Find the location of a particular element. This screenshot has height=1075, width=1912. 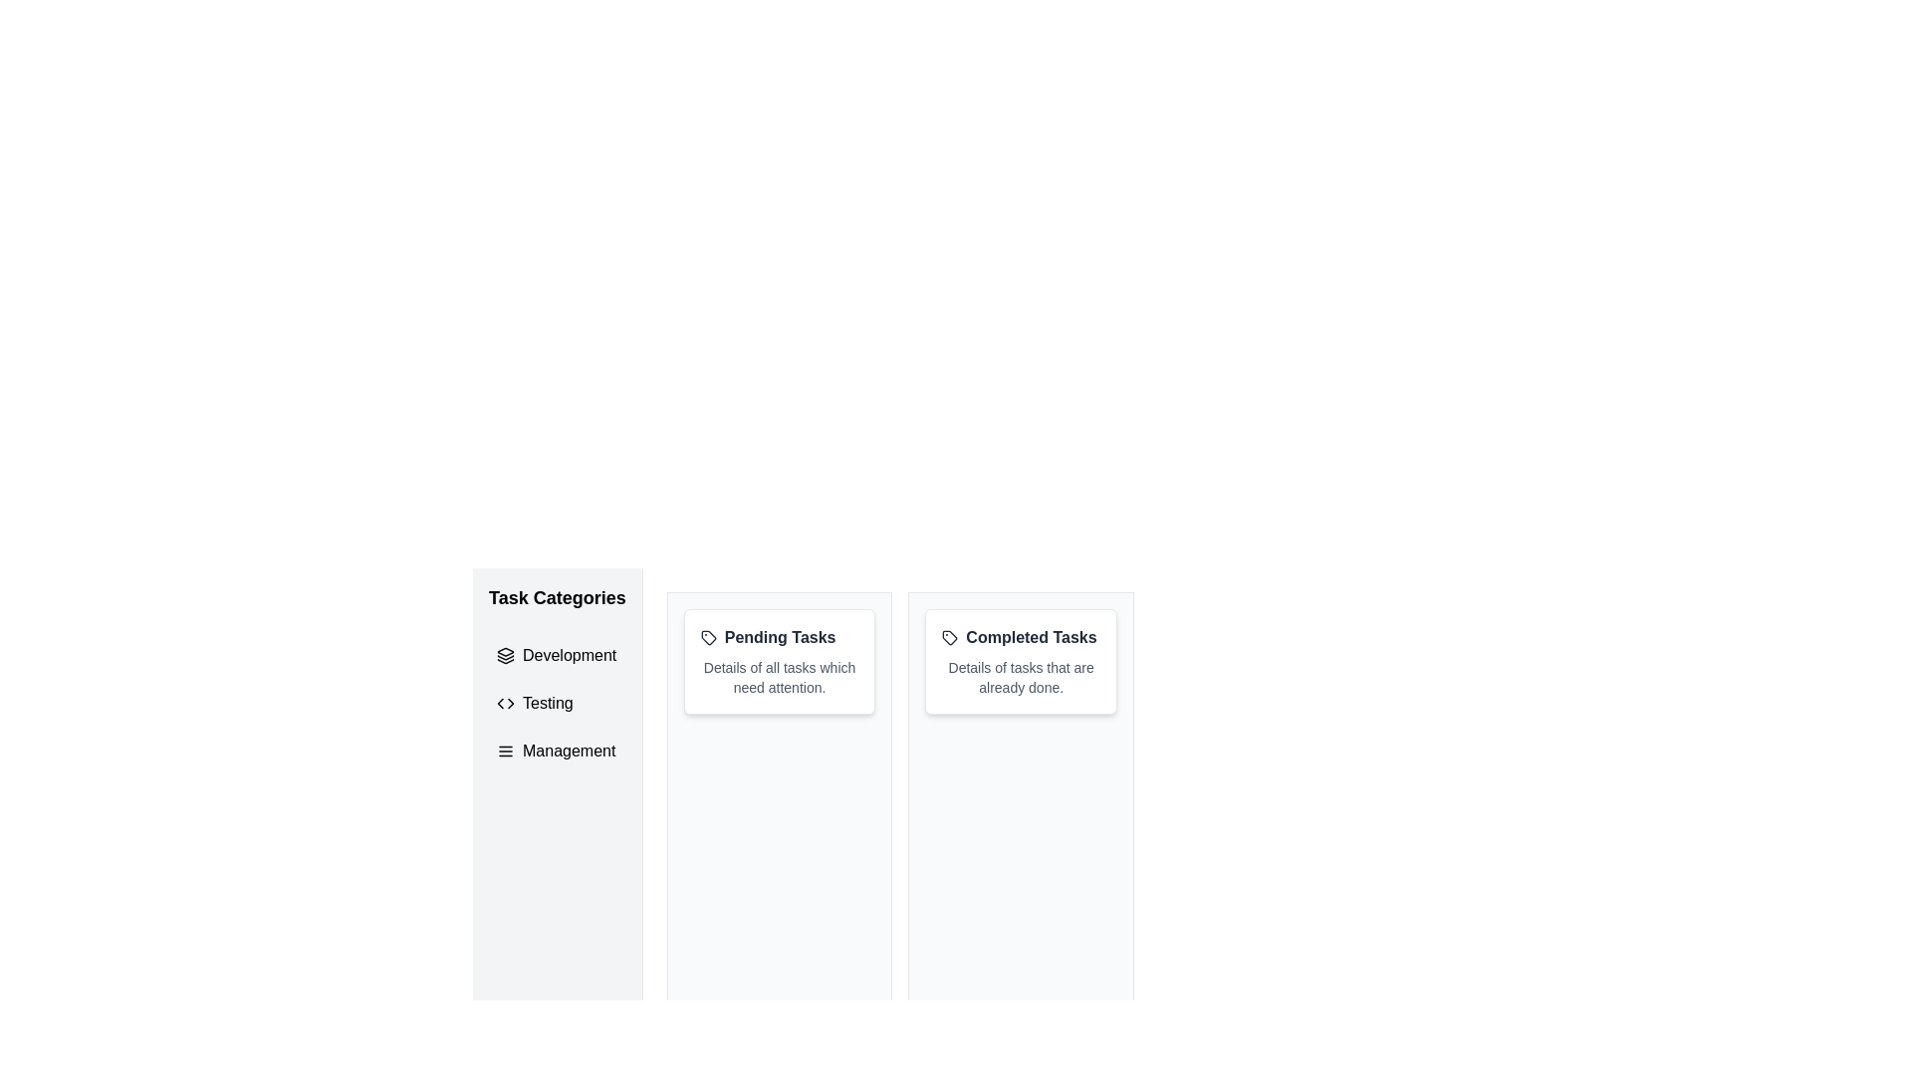

the first button-like navigation menu item under 'Task Categories' is located at coordinates (557, 656).